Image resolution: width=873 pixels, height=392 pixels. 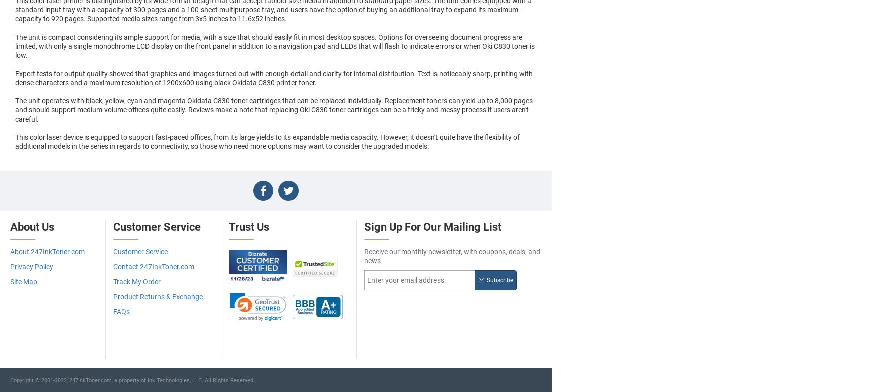 What do you see at coordinates (273, 110) in the screenshot?
I see `'The unit operates with black, yellow, cyan and magenta Okidata C830 toner cartridges that can be replaced individually.  Replacement toners can yield up to 8,000 pages and should support medium-volume offices quite easily.  Reviews make a note that replacing Oki C830 toner cartridges can be a tricky and messy process if users aren't careful.'` at bounding box center [273, 110].